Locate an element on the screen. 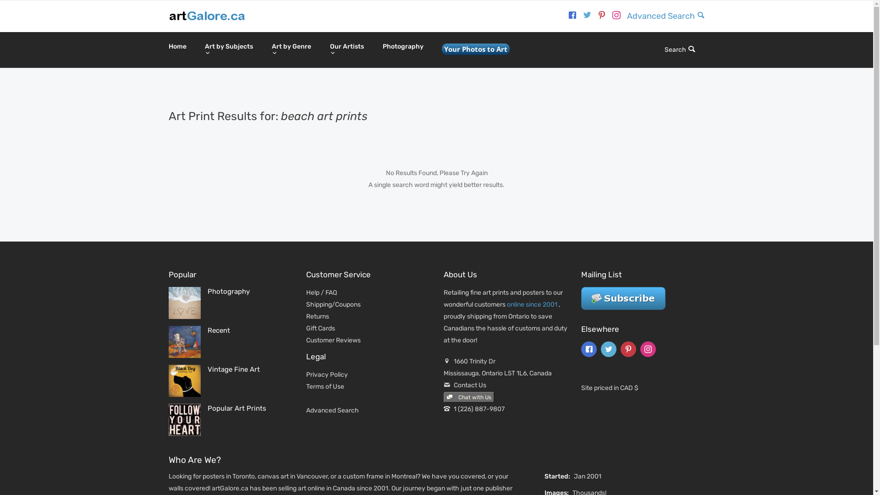  'Customer Reviews' is located at coordinates (333, 340).